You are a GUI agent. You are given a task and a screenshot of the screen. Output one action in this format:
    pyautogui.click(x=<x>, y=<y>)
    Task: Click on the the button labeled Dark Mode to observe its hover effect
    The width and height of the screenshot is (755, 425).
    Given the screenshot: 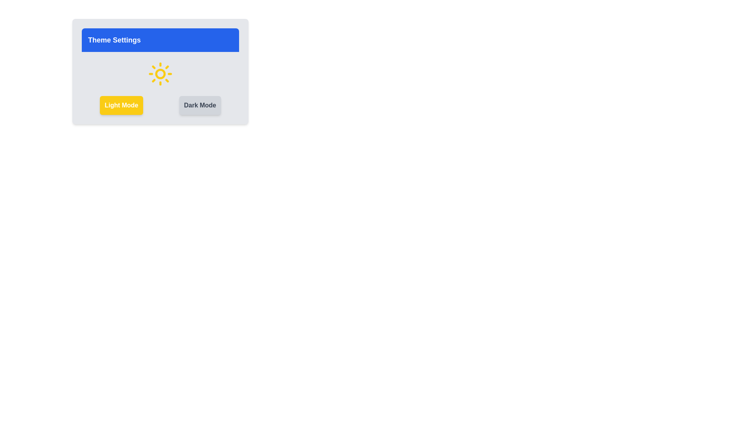 What is the action you would take?
    pyautogui.click(x=200, y=105)
    